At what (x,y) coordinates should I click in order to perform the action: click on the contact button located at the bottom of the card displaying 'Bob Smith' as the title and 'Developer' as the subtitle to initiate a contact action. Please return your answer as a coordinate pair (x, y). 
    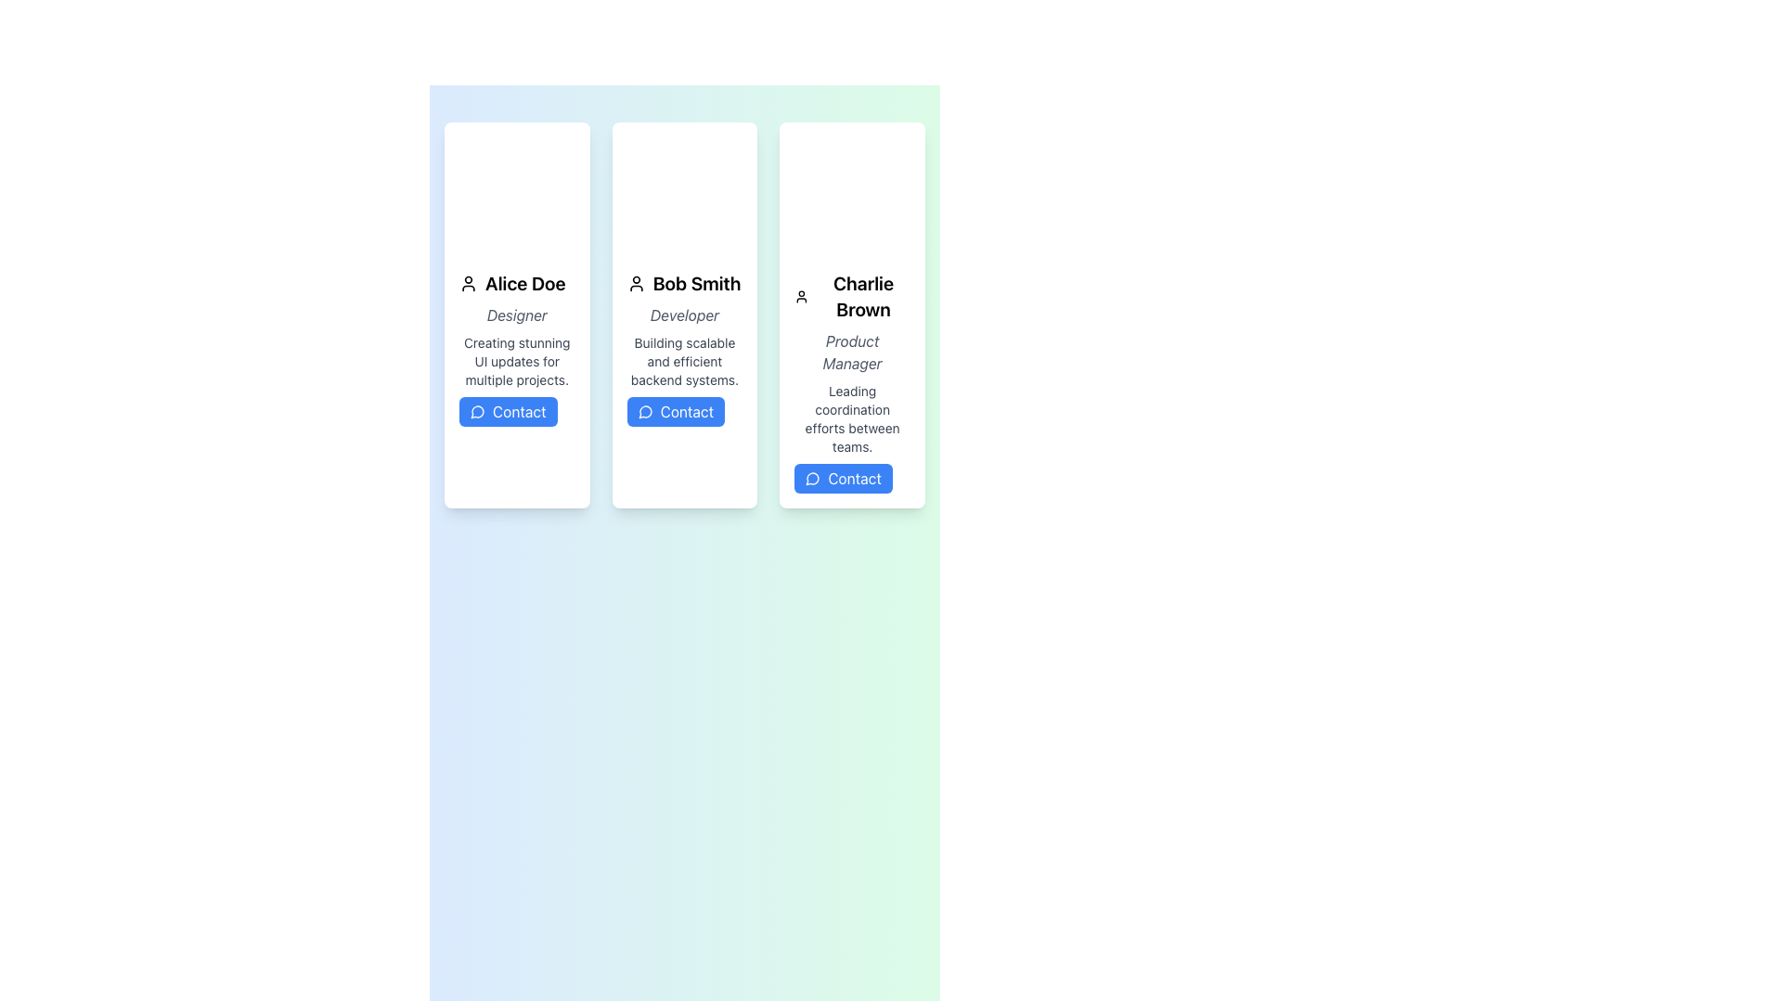
    Looking at the image, I should click on (675, 410).